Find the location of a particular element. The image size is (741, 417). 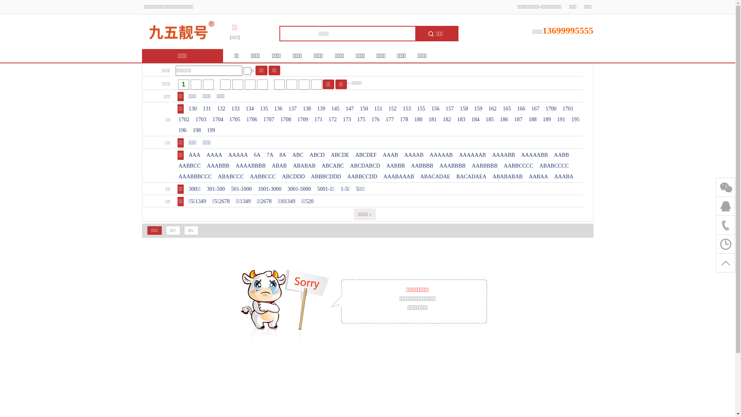

'1707' is located at coordinates (269, 119).